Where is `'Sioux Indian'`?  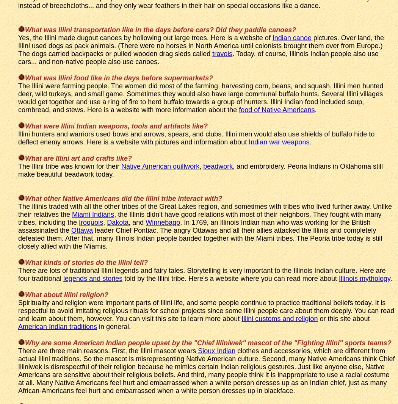 'Sioux Indian' is located at coordinates (216, 350).